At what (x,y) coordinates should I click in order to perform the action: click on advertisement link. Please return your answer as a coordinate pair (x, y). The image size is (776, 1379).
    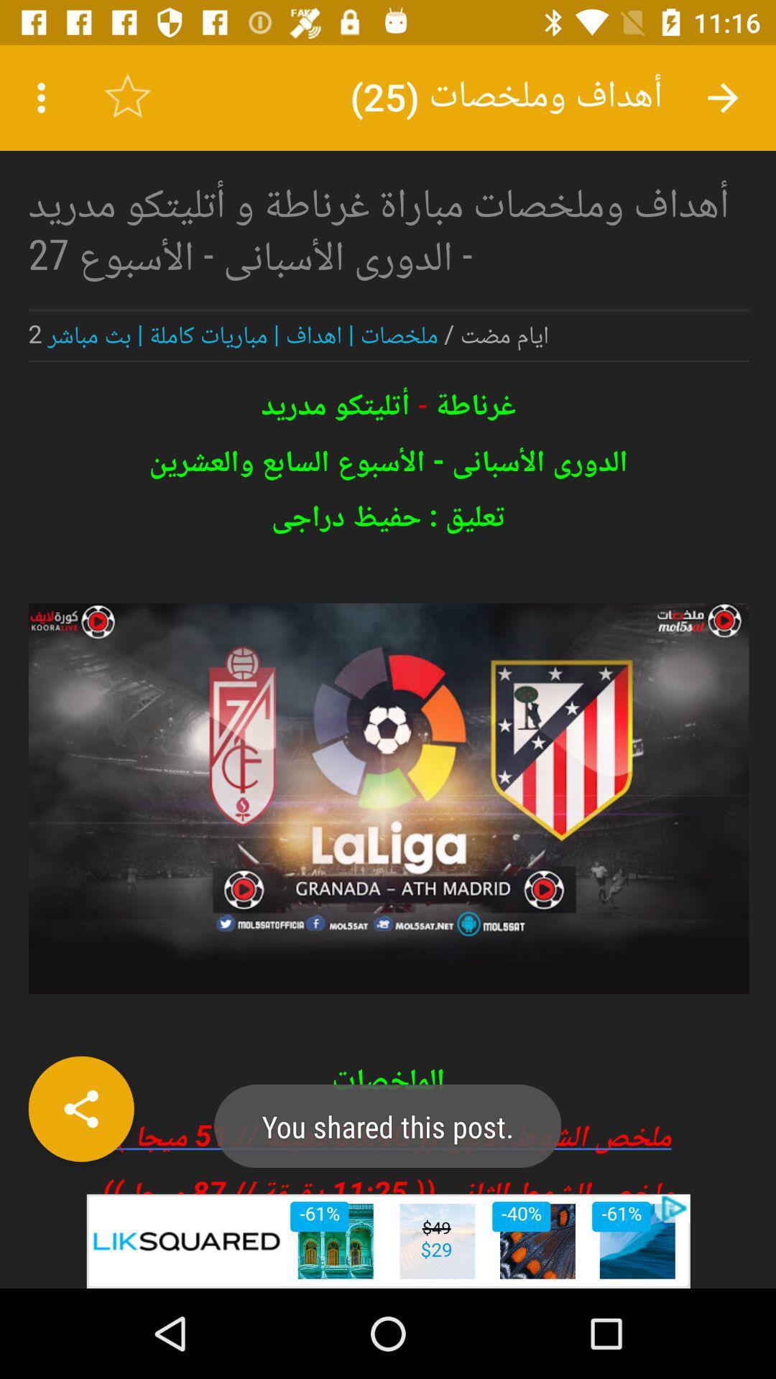
    Looking at the image, I should click on (388, 1240).